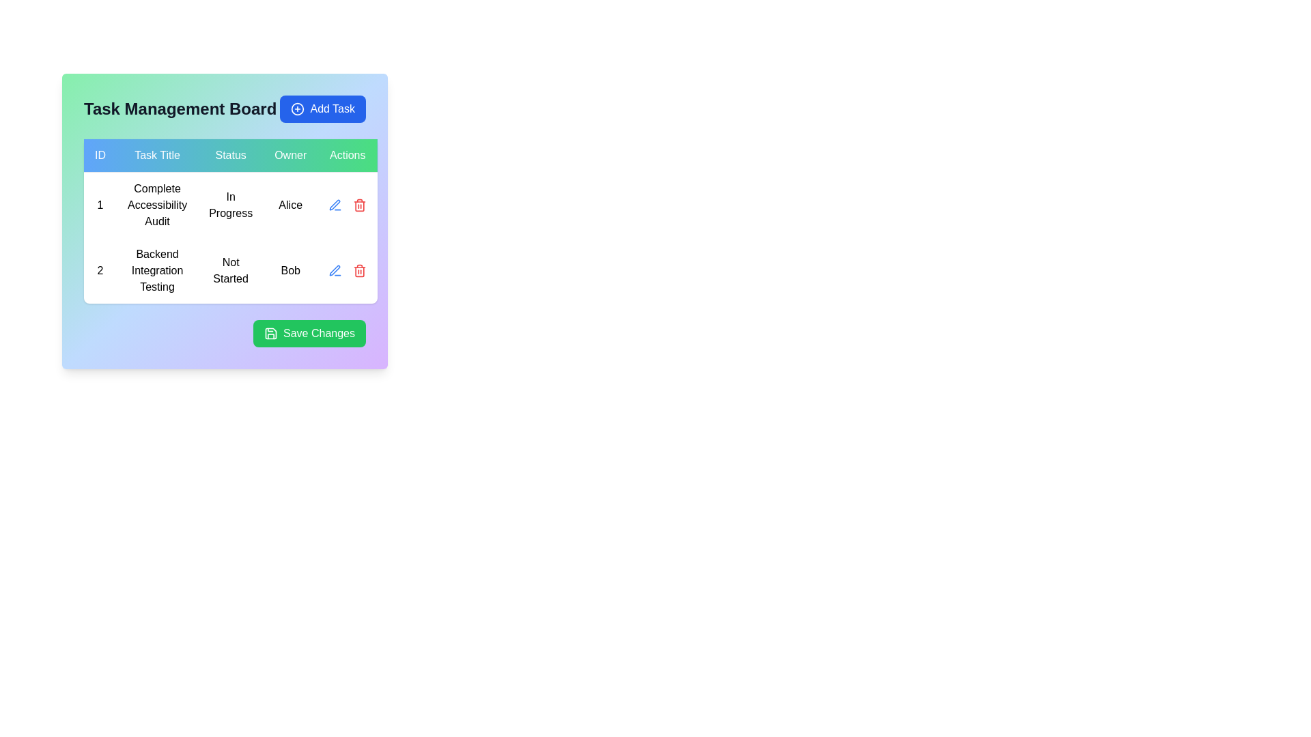 Image resolution: width=1311 pixels, height=737 pixels. What do you see at coordinates (157, 155) in the screenshot?
I see `the 'Task Title' column header in the task management table, which is the second header following 'ID' and preceding 'Status'` at bounding box center [157, 155].